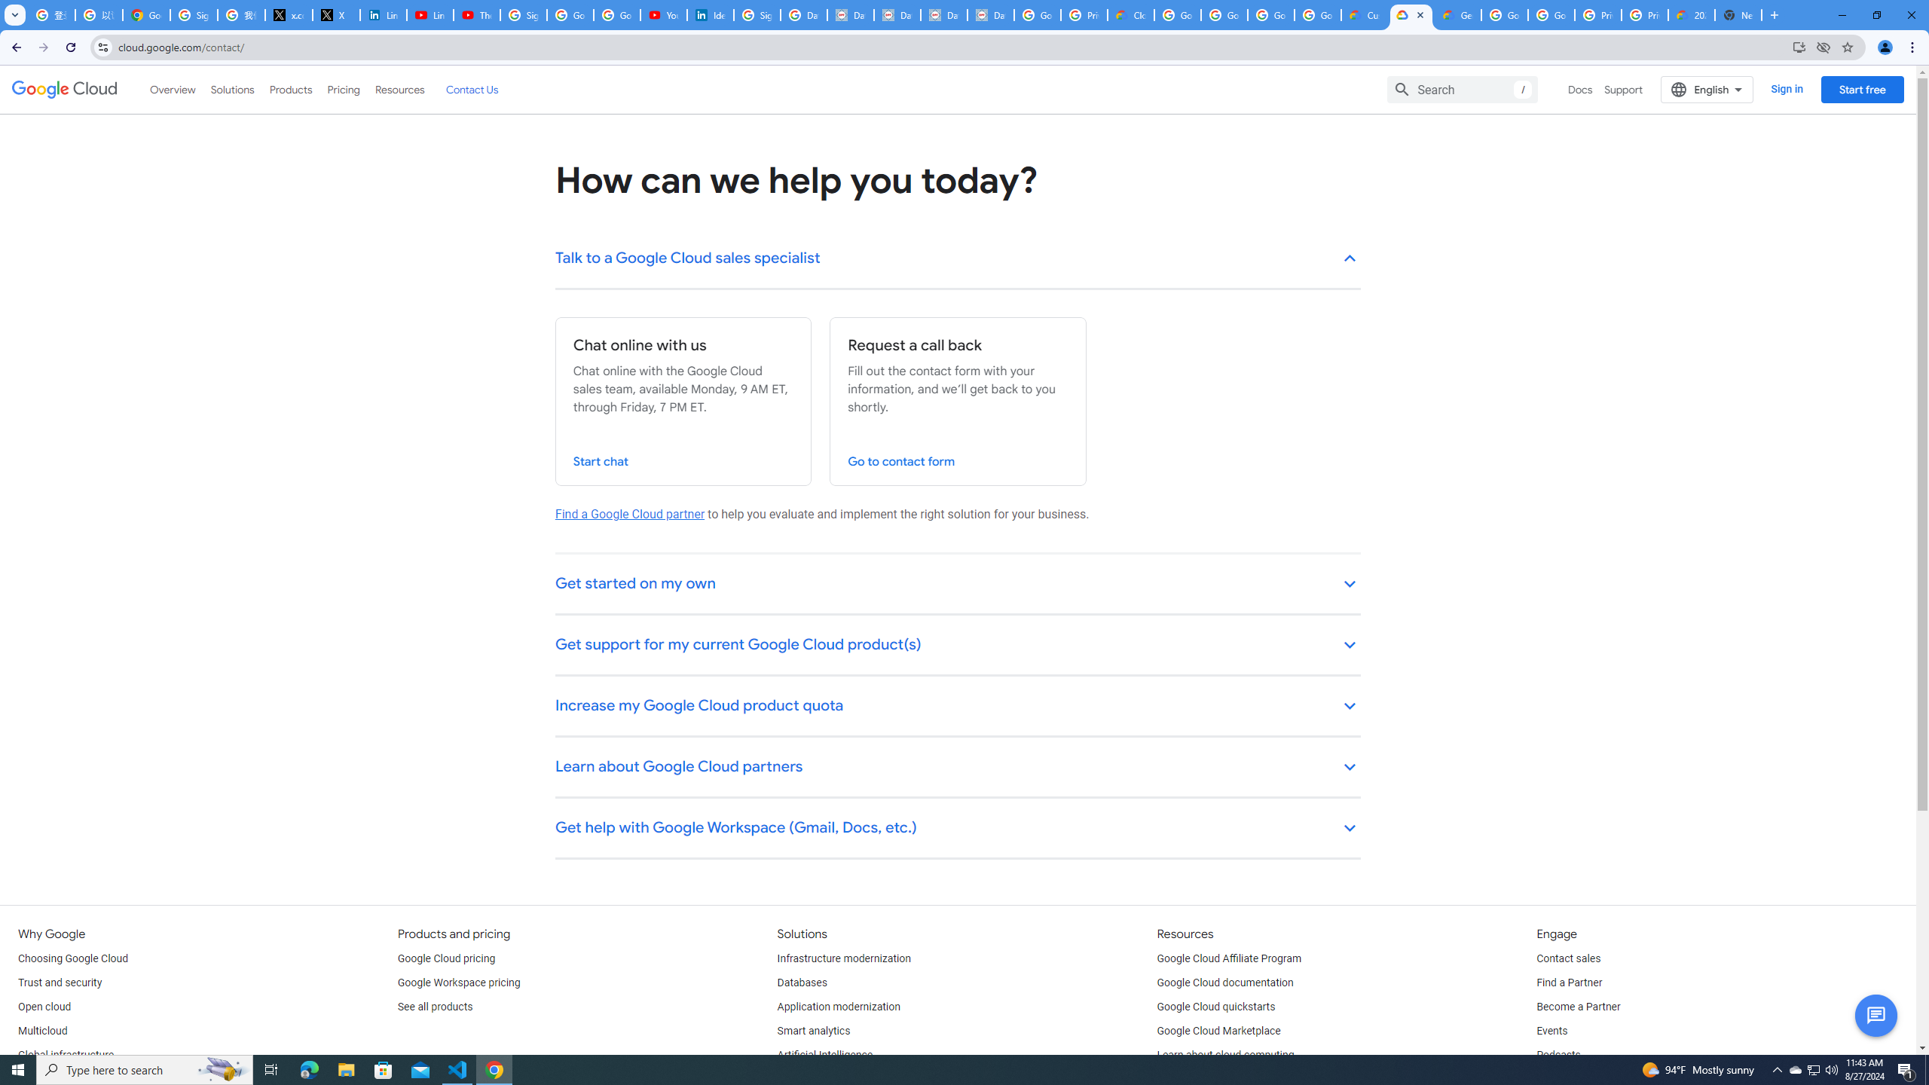 The width and height of the screenshot is (1929, 1085). What do you see at coordinates (814, 1031) in the screenshot?
I see `'Smart analytics'` at bounding box center [814, 1031].